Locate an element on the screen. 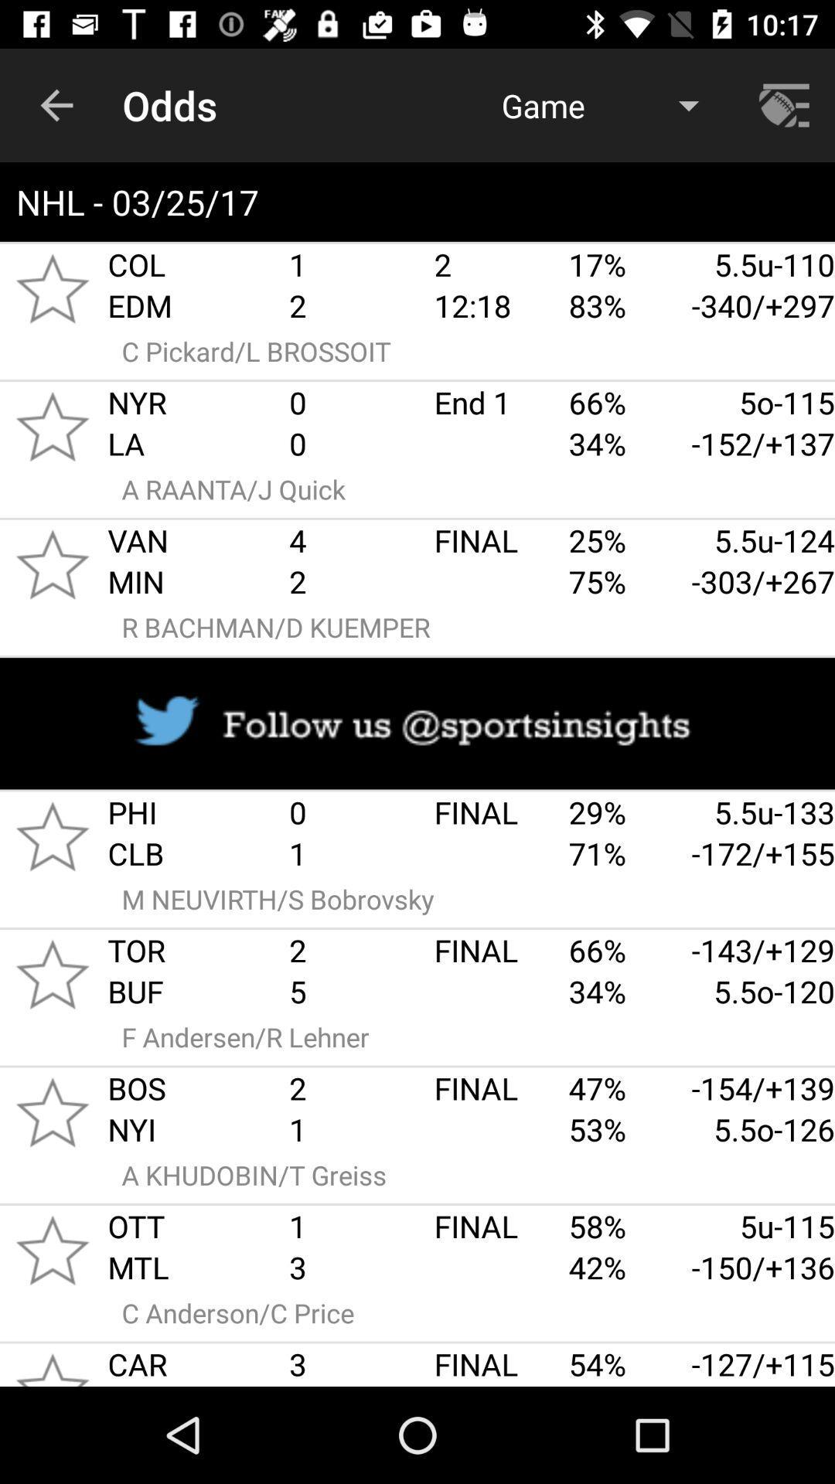 Image resolution: width=835 pixels, height=1484 pixels. rating is located at coordinates (52, 836).